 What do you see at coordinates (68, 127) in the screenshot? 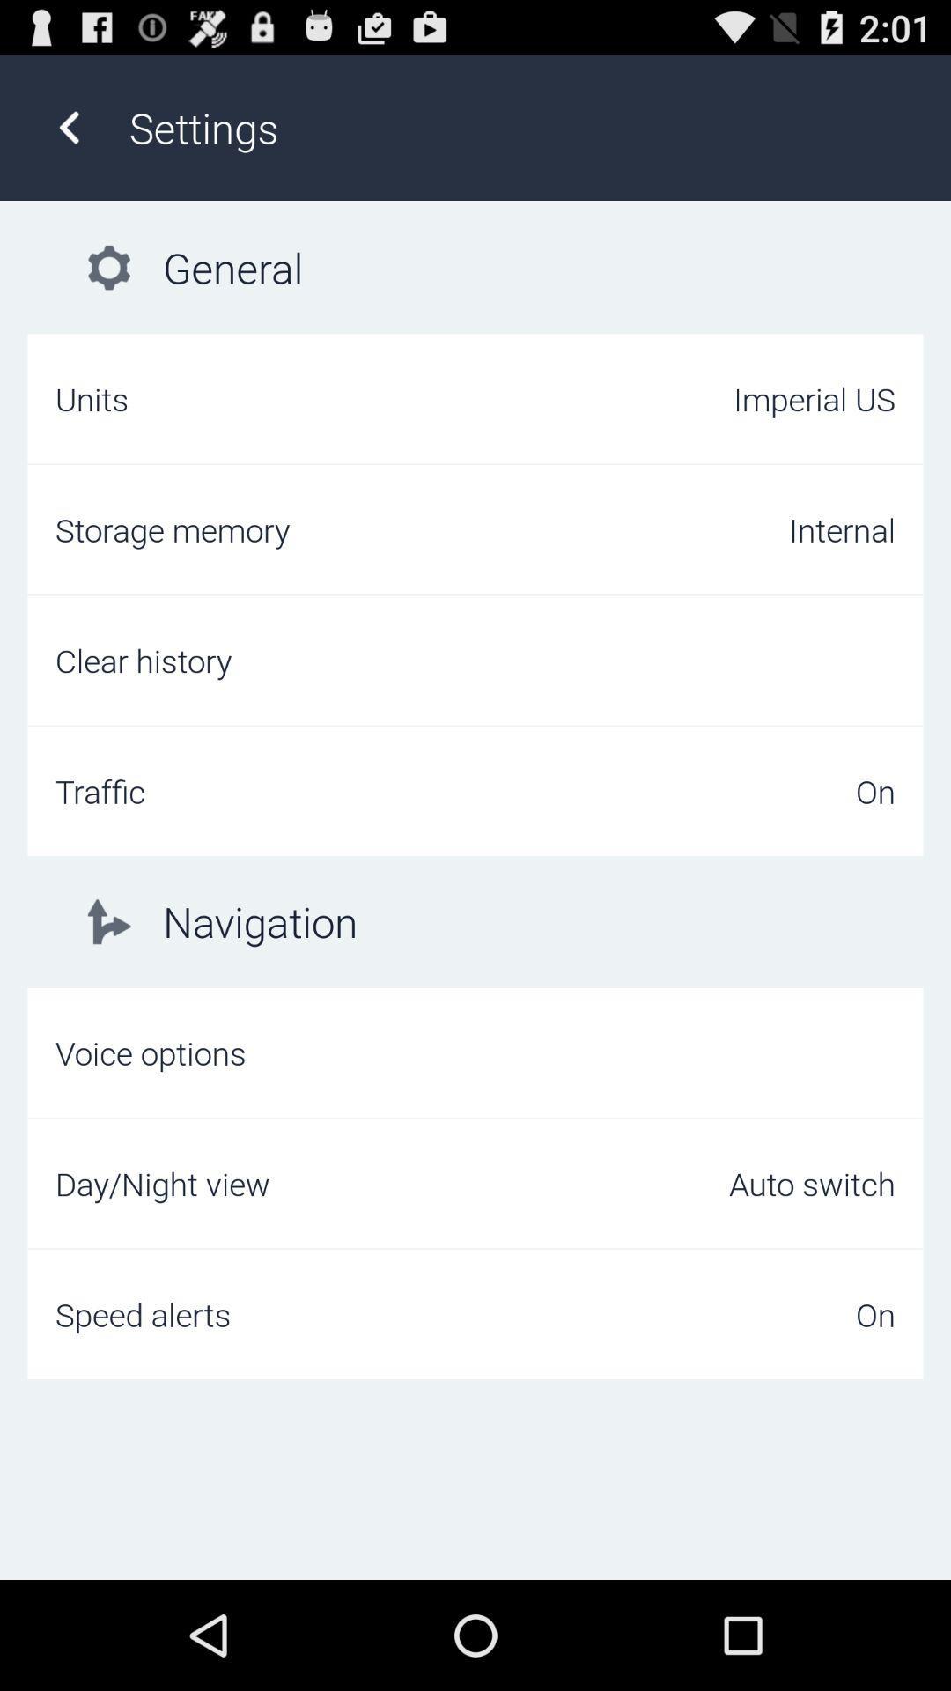
I see `icon next to settings` at bounding box center [68, 127].